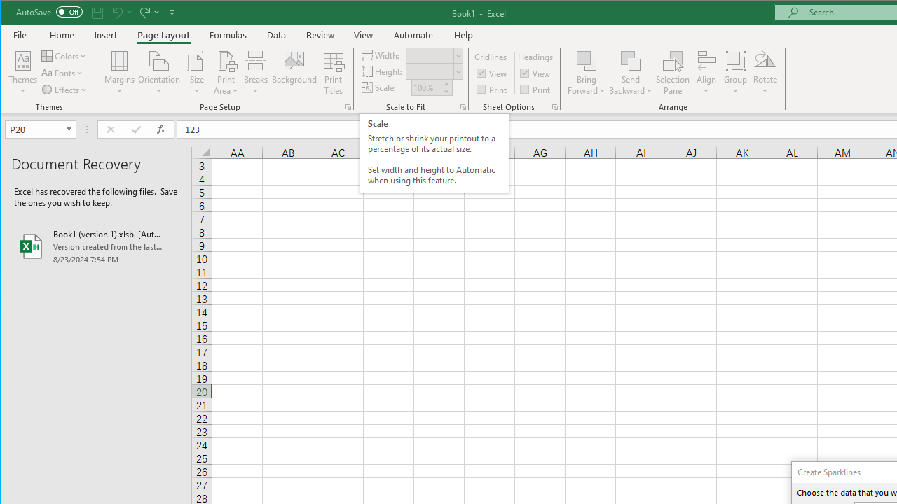 The width and height of the screenshot is (897, 504). What do you see at coordinates (256, 73) in the screenshot?
I see `'Breaks'` at bounding box center [256, 73].